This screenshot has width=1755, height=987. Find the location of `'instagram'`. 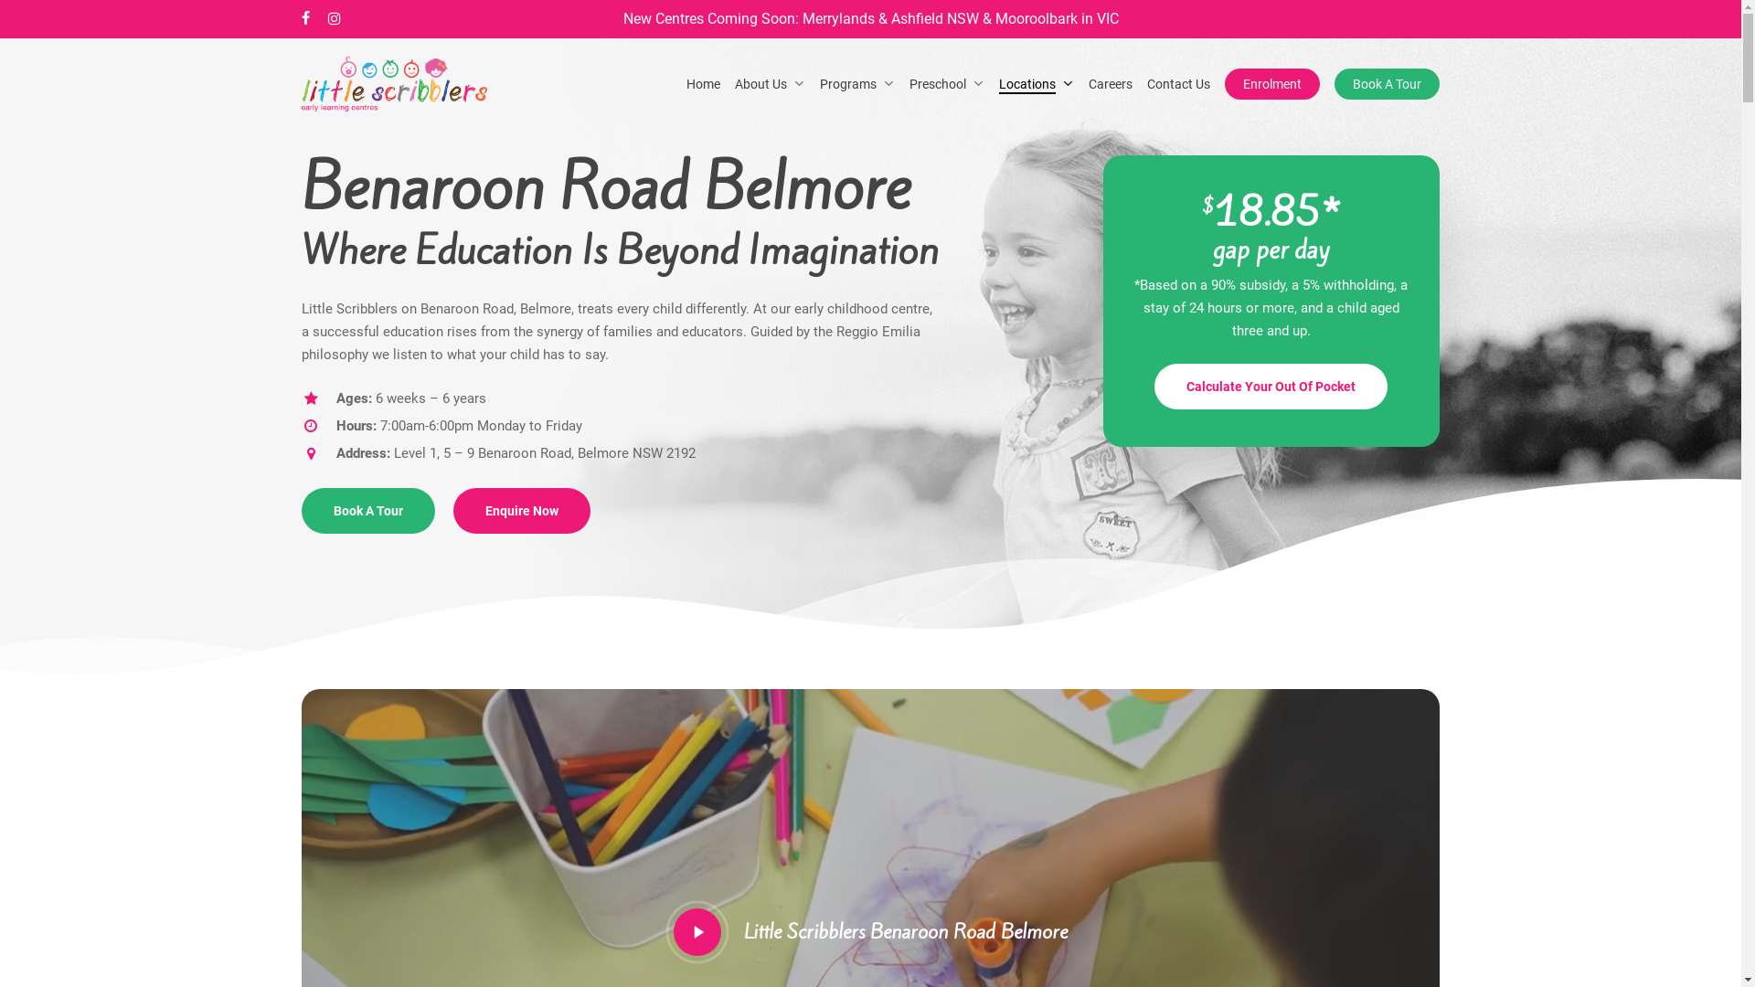

'instagram' is located at coordinates (328, 18).